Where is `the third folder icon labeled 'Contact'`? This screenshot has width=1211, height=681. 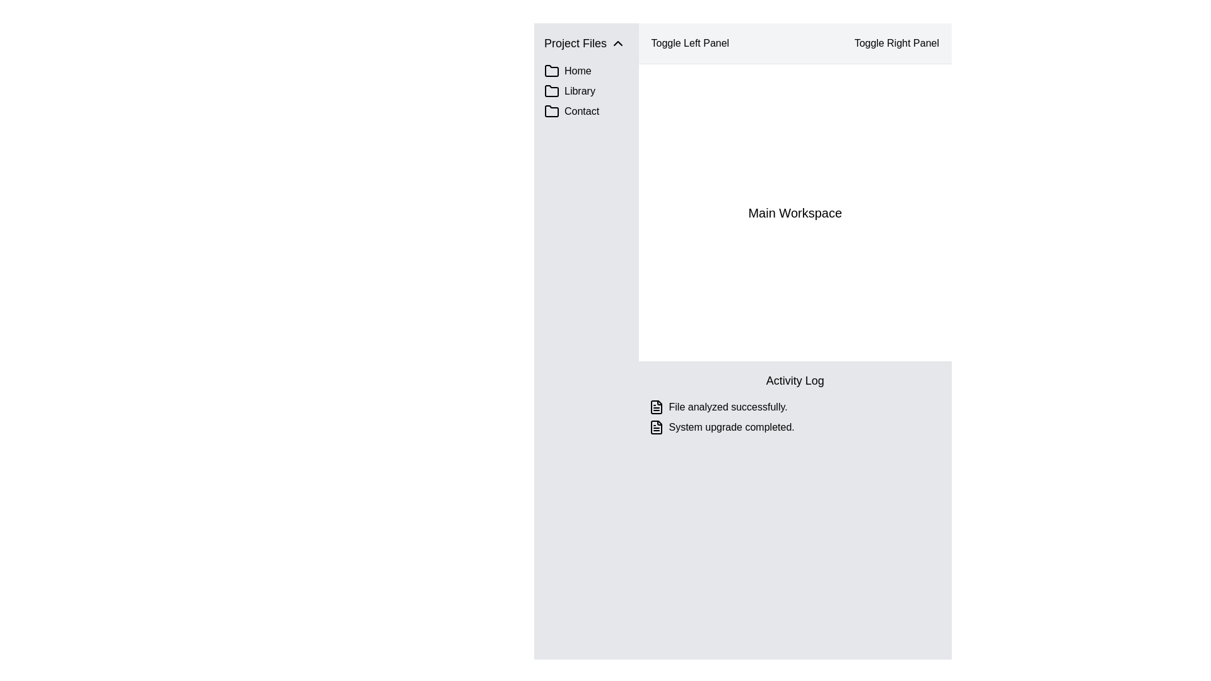
the third folder icon labeled 'Contact' is located at coordinates (551, 110).